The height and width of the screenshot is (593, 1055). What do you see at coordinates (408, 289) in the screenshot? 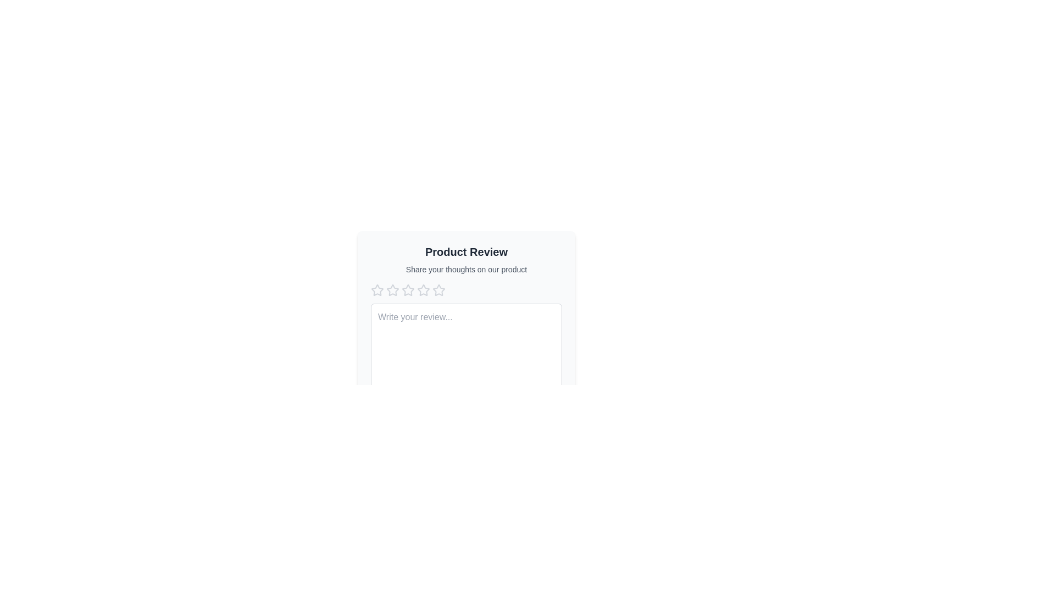
I see `the second star icon in the 5-star rating system via tab navigation` at bounding box center [408, 289].